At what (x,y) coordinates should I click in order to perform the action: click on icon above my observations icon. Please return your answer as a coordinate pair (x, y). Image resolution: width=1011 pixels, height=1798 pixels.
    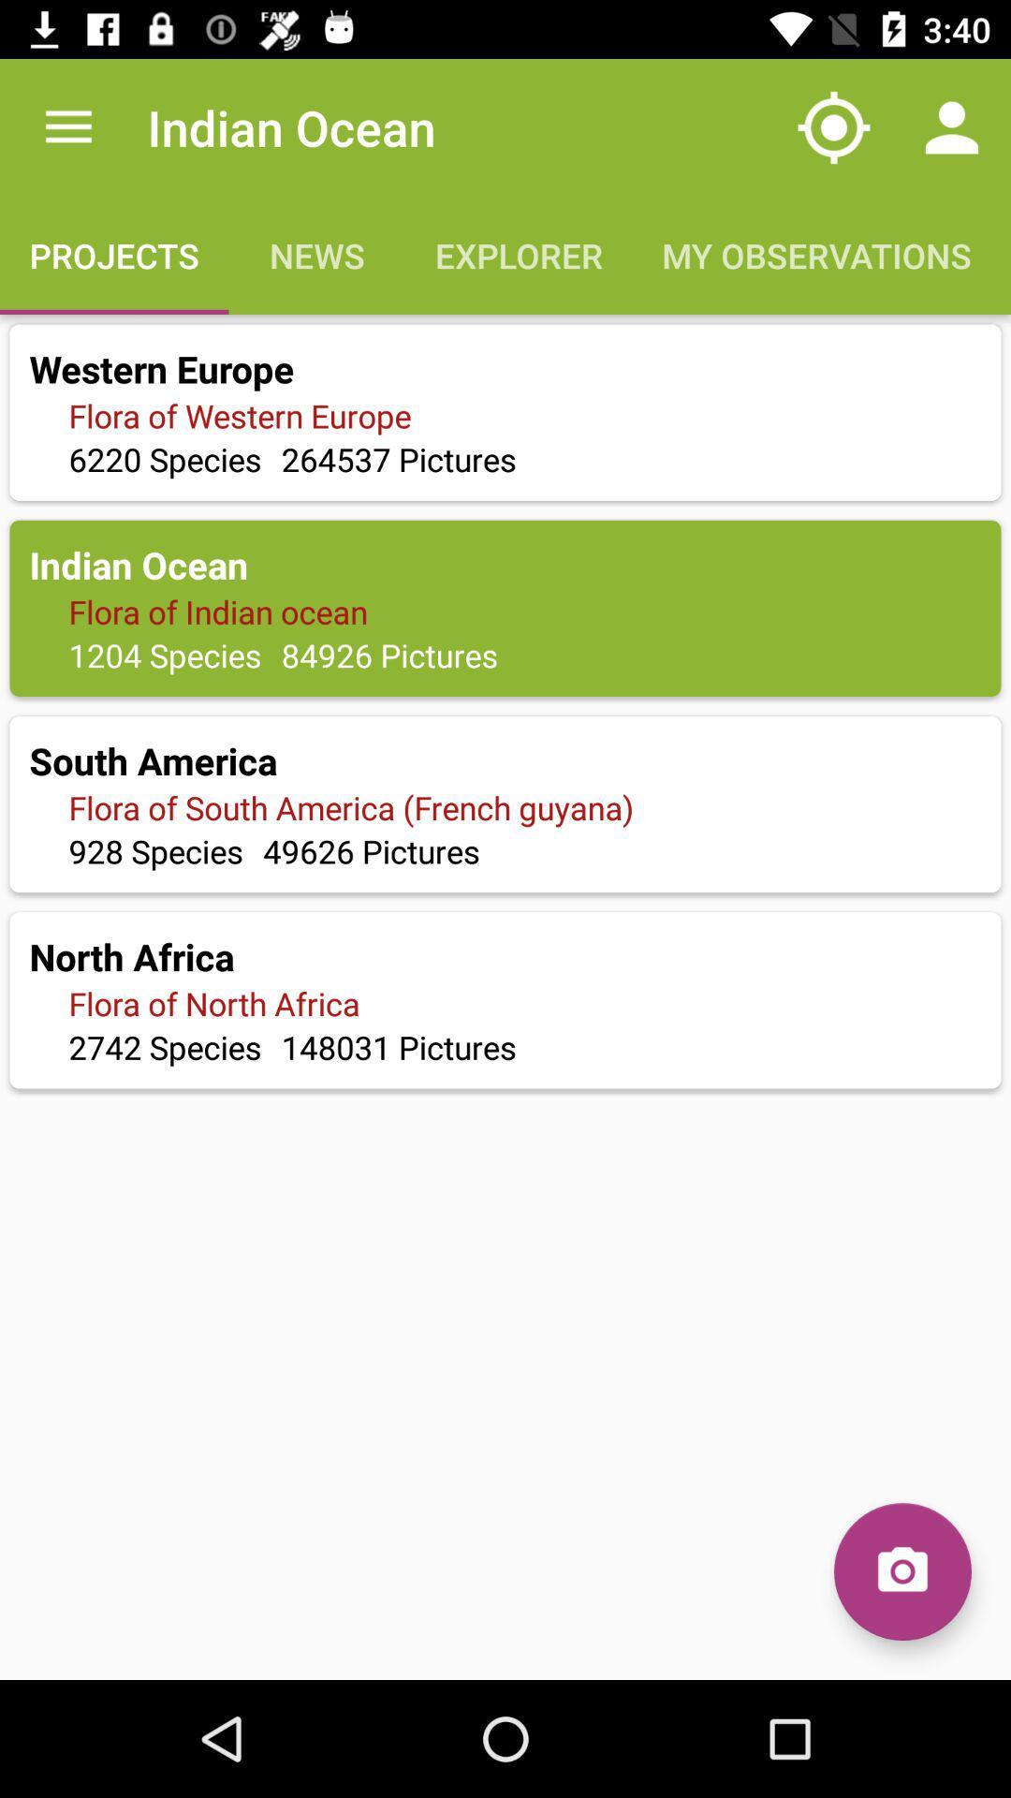
    Looking at the image, I should click on (952, 126).